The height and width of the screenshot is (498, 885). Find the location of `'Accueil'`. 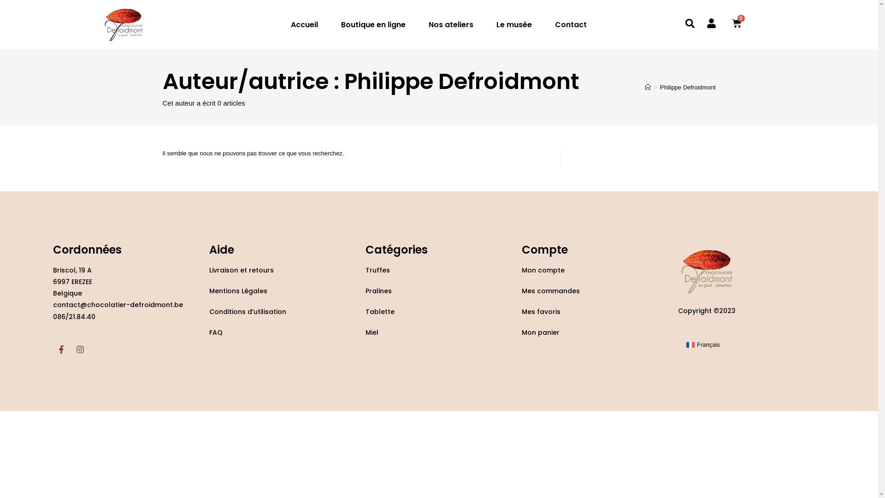

'Accueil' is located at coordinates (304, 24).